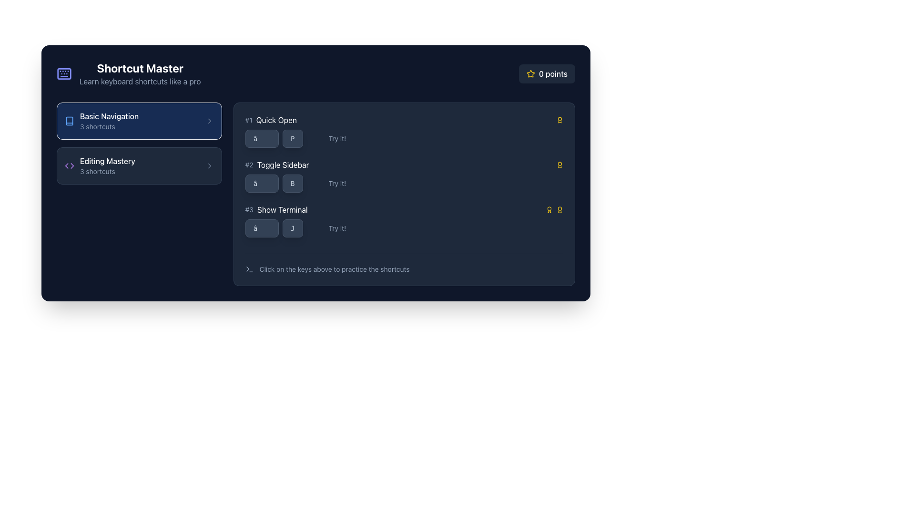  What do you see at coordinates (282, 209) in the screenshot?
I see `the text label positioned in the third line of a sequentially numbered list, located between '#3' and a clickable button` at bounding box center [282, 209].